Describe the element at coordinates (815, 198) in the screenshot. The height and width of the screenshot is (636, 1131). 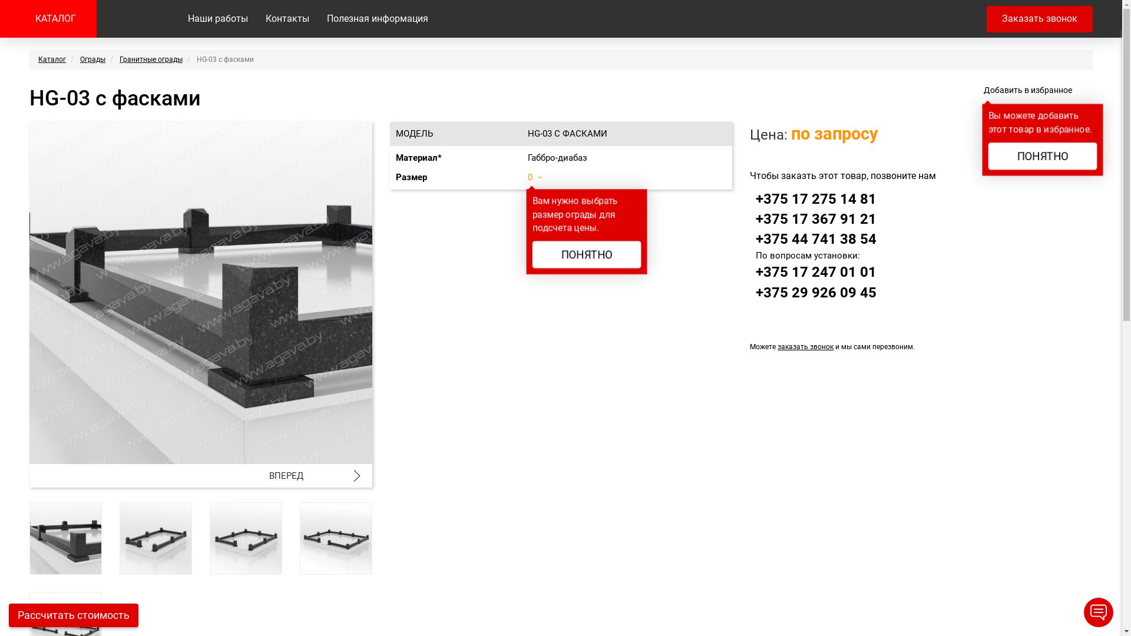
I see `'+375 17 275 14 81'` at that location.